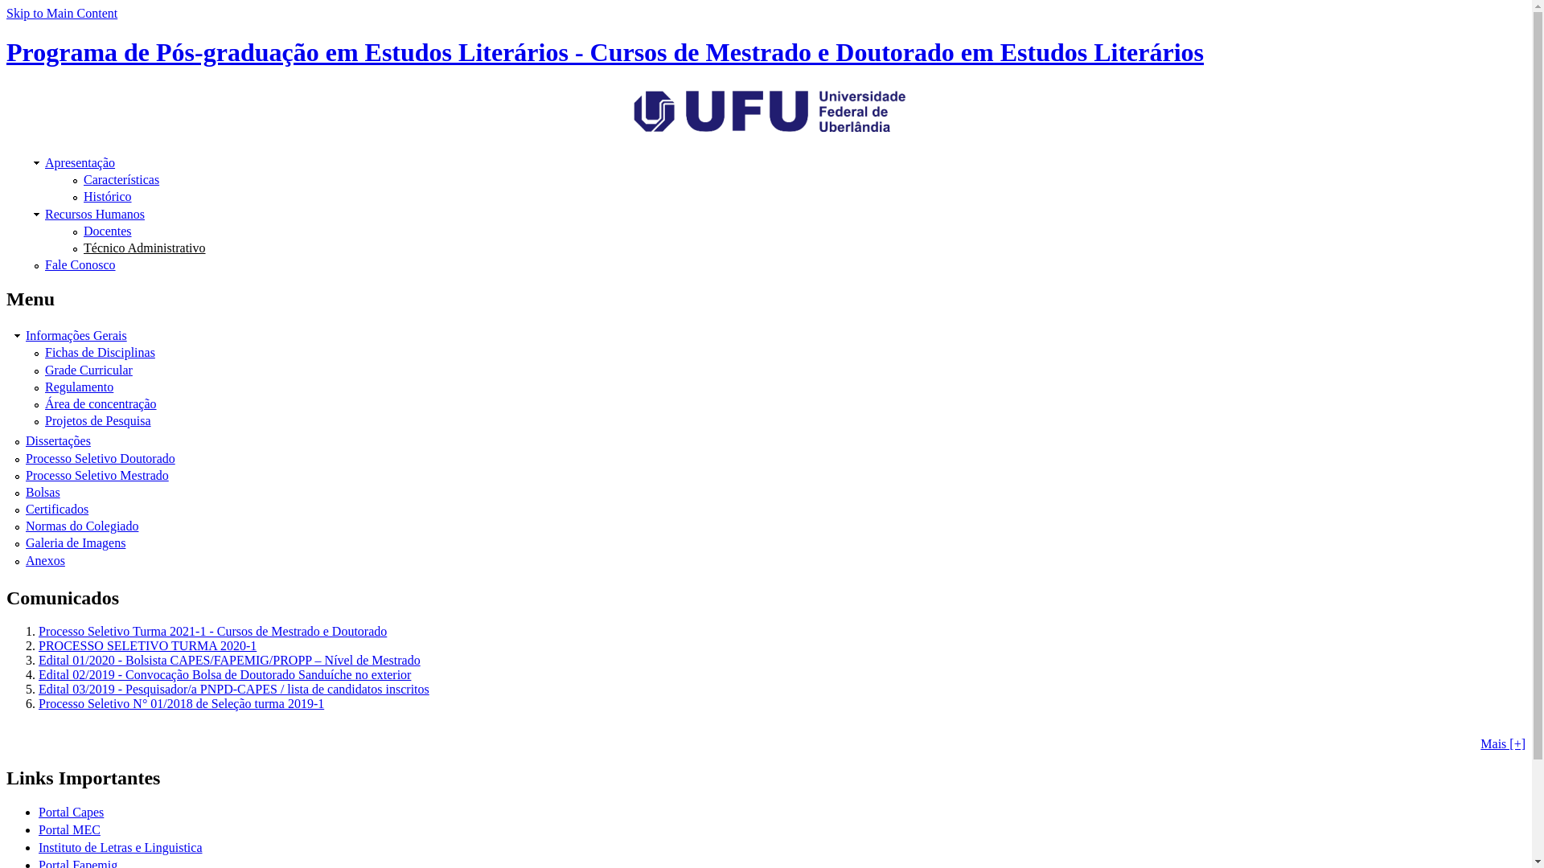 This screenshot has width=1544, height=868. What do you see at coordinates (96, 474) in the screenshot?
I see `'Processo Seletivo Mestrado'` at bounding box center [96, 474].